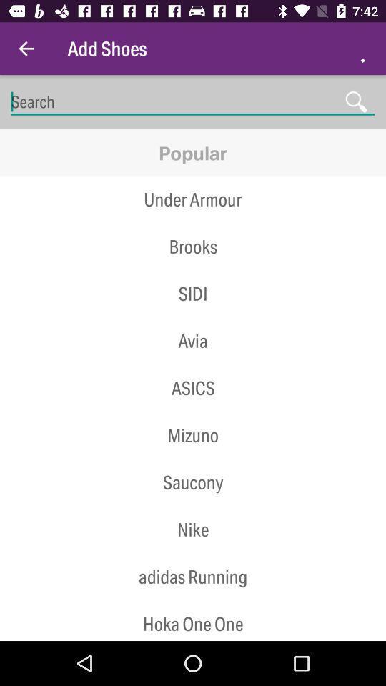 This screenshot has width=386, height=686. What do you see at coordinates (193, 293) in the screenshot?
I see `sidi icon` at bounding box center [193, 293].